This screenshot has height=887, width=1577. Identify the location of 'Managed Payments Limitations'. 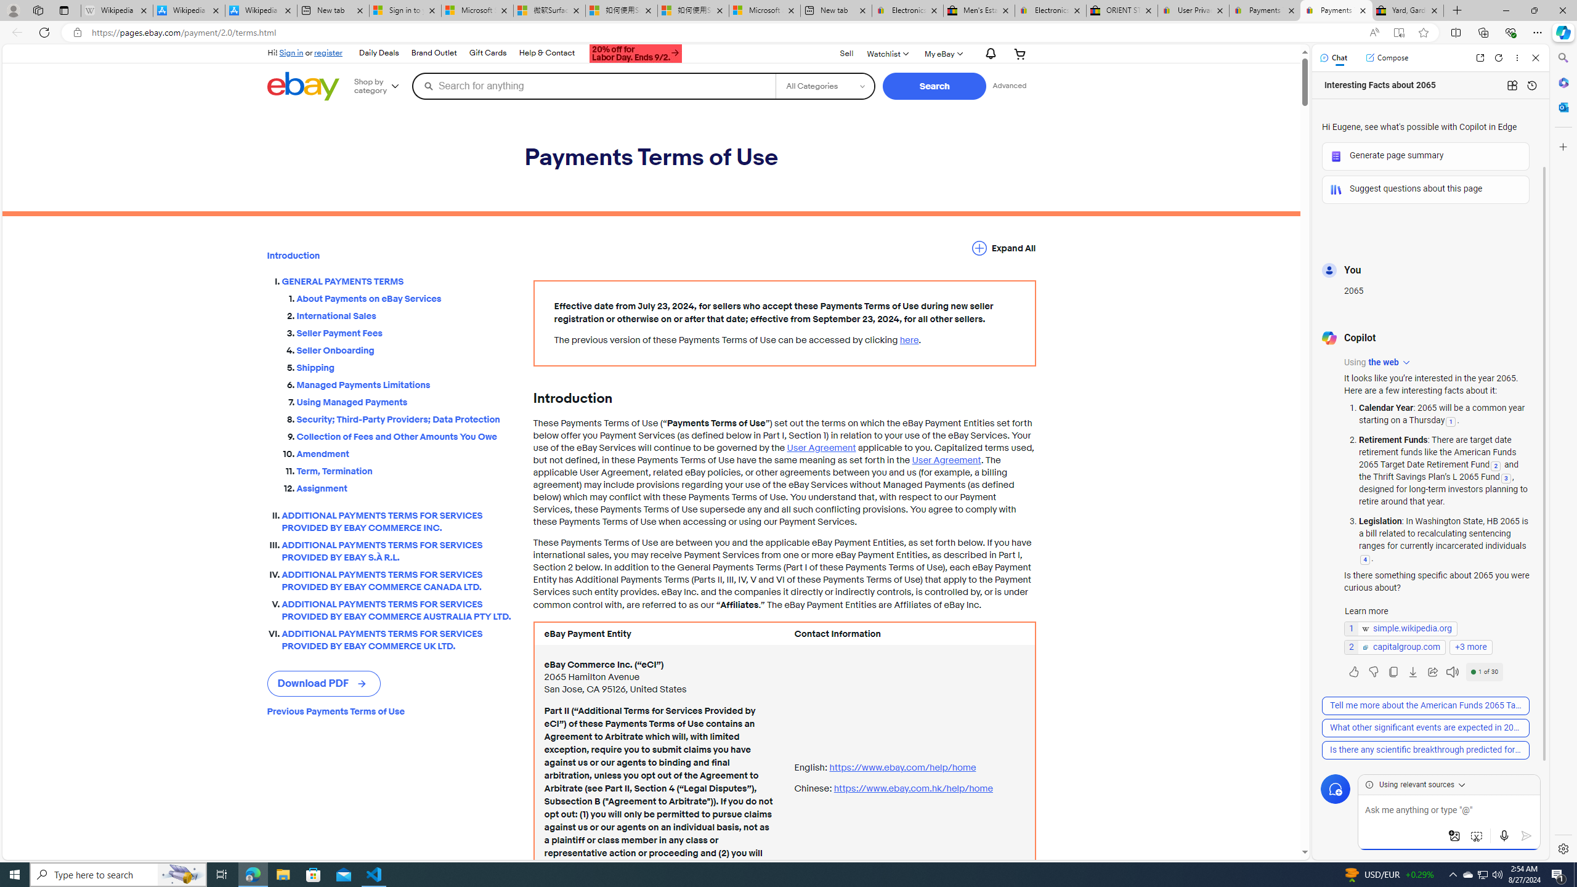
(404, 383).